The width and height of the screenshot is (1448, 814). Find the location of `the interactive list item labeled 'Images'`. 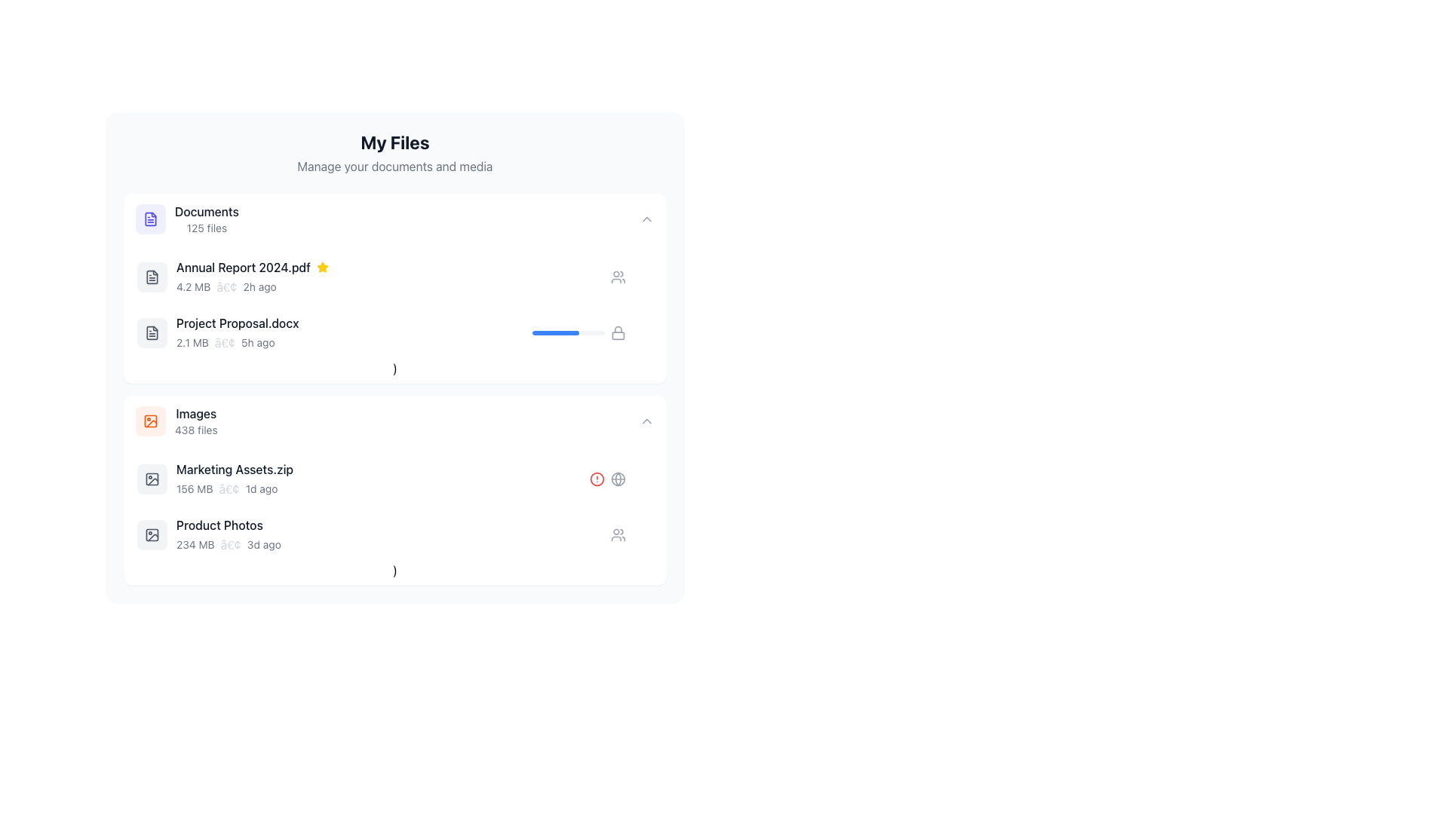

the interactive list item labeled 'Images' is located at coordinates (394, 421).